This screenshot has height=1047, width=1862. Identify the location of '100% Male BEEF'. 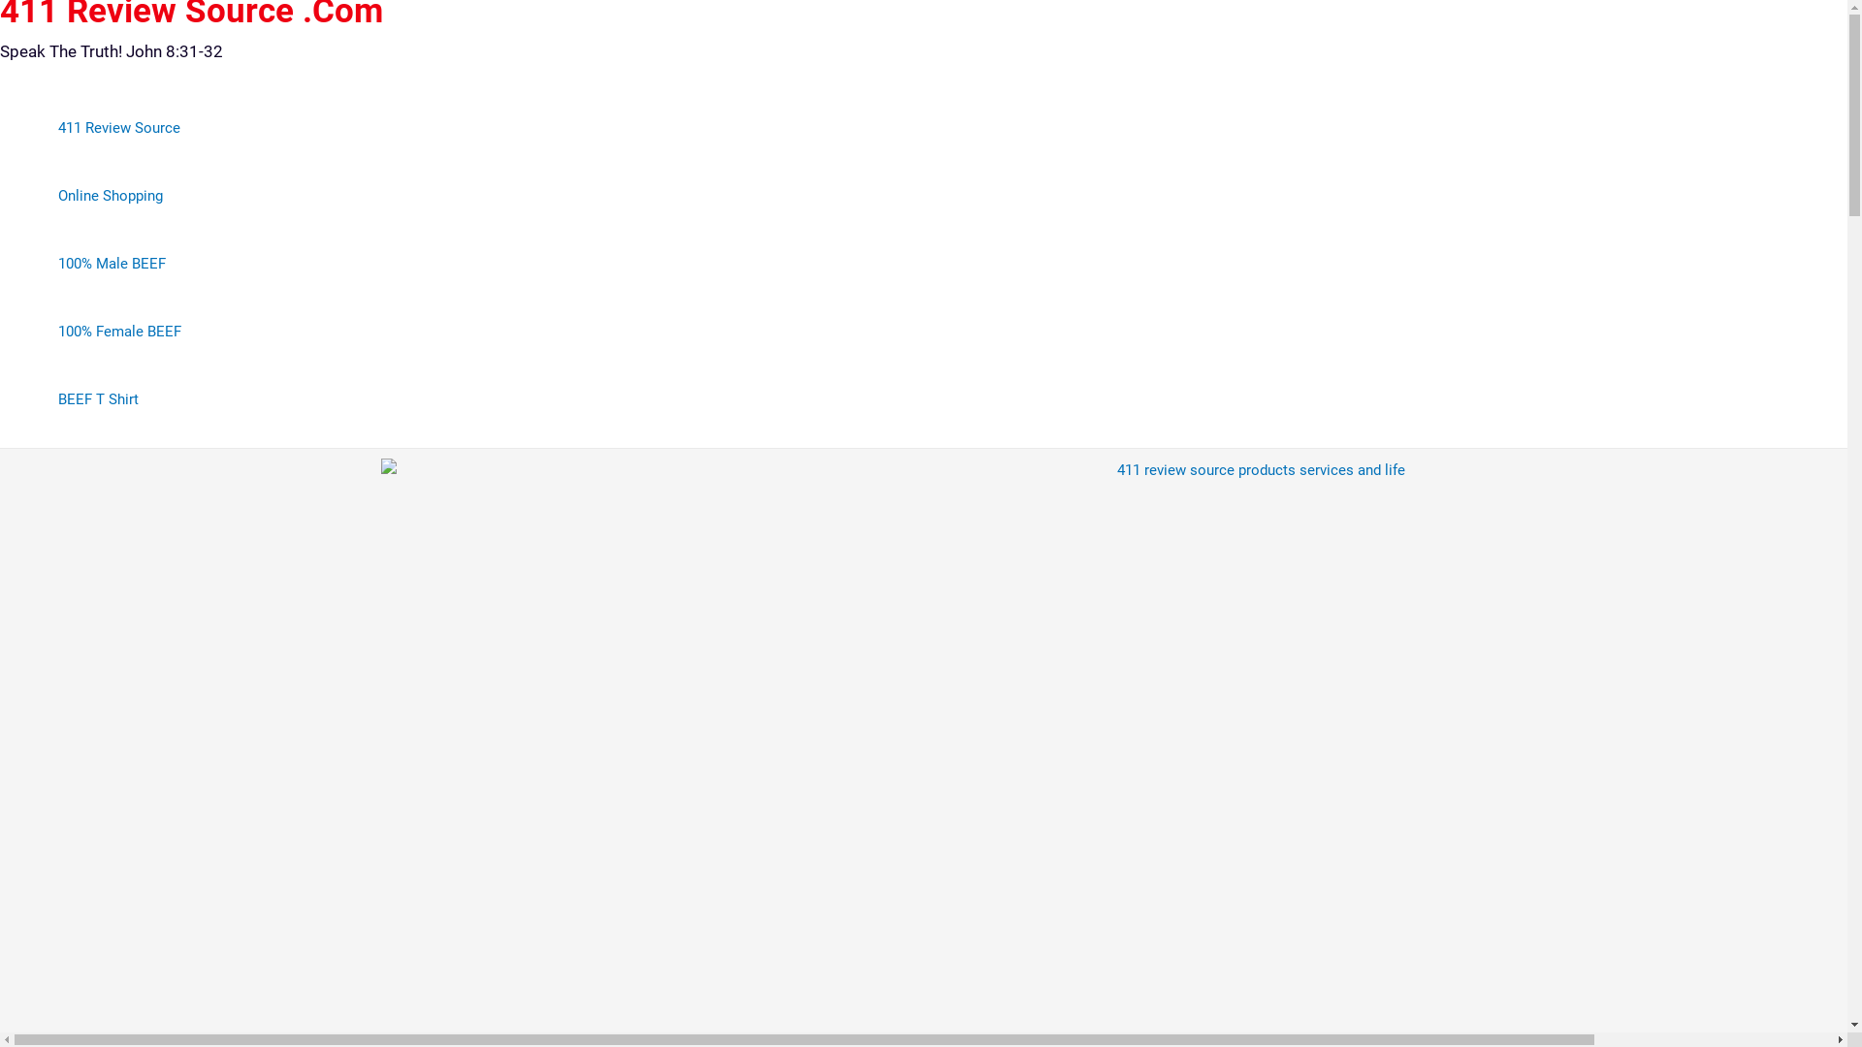
(118, 264).